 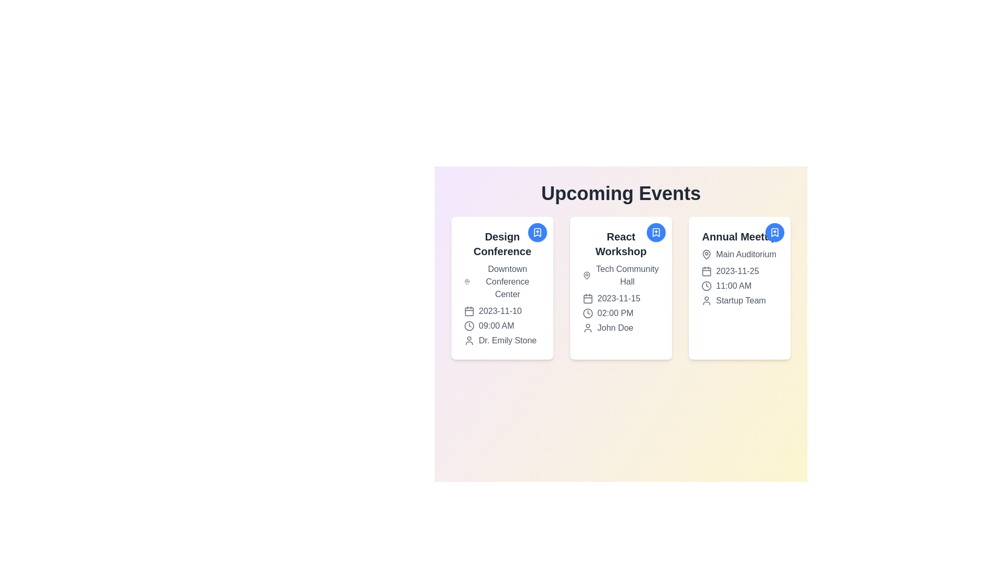 I want to click on the bookmark icon in the top-right corner of the React Workshop card to bookmark the event, so click(x=655, y=232).